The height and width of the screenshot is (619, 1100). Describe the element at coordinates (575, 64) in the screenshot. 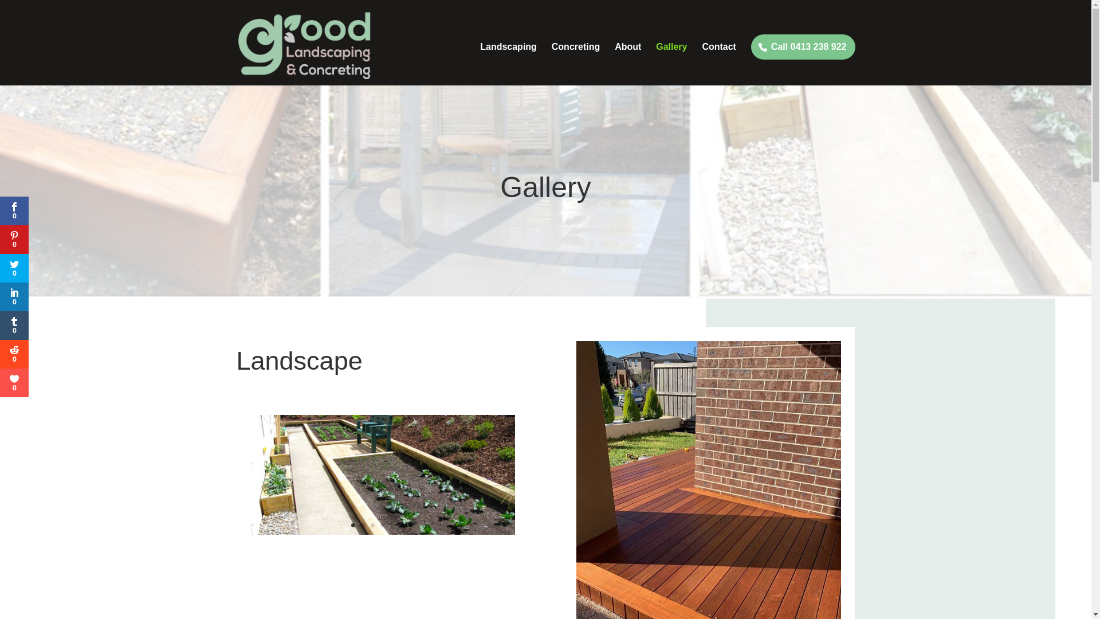

I see `'Concreting'` at that location.